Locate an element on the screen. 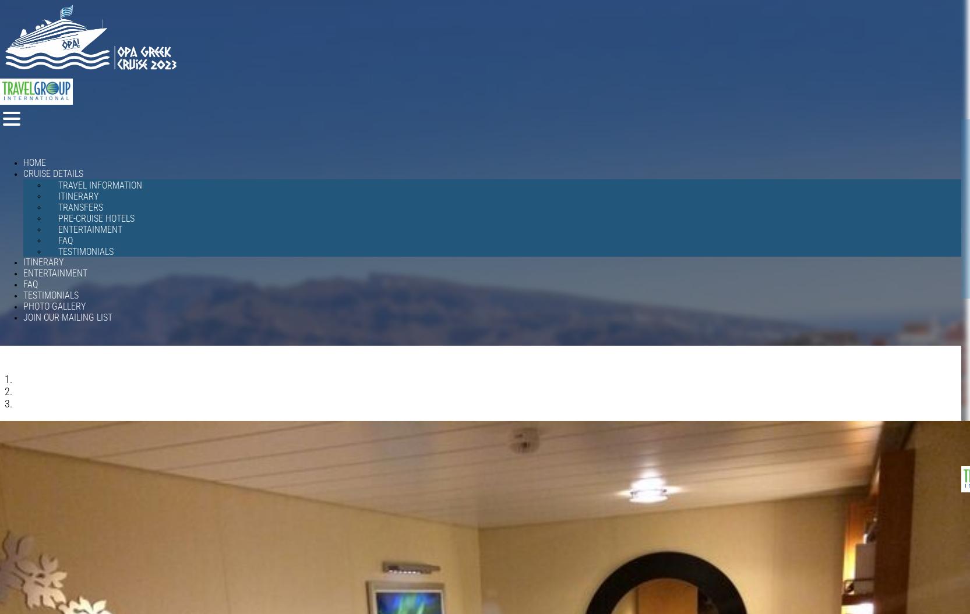 The image size is (970, 614). 'Transfers' is located at coordinates (80, 207).